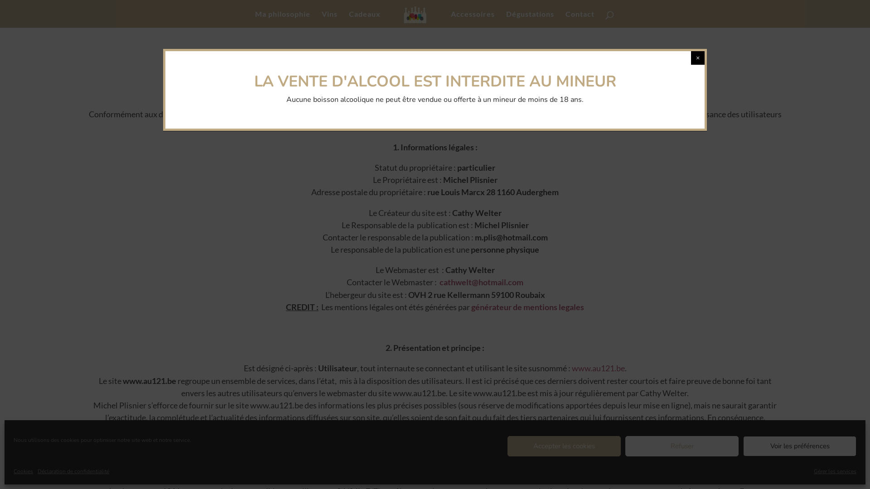 Image resolution: width=870 pixels, height=489 pixels. What do you see at coordinates (563, 446) in the screenshot?
I see `'Accepter les cookies'` at bounding box center [563, 446].